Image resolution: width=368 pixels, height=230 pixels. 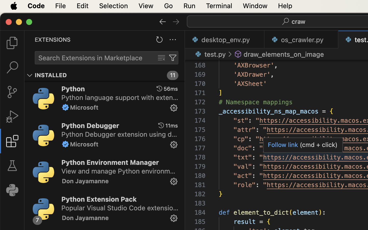 I want to click on 'Python Debugger extension using debugpy.', so click(x=119, y=134).